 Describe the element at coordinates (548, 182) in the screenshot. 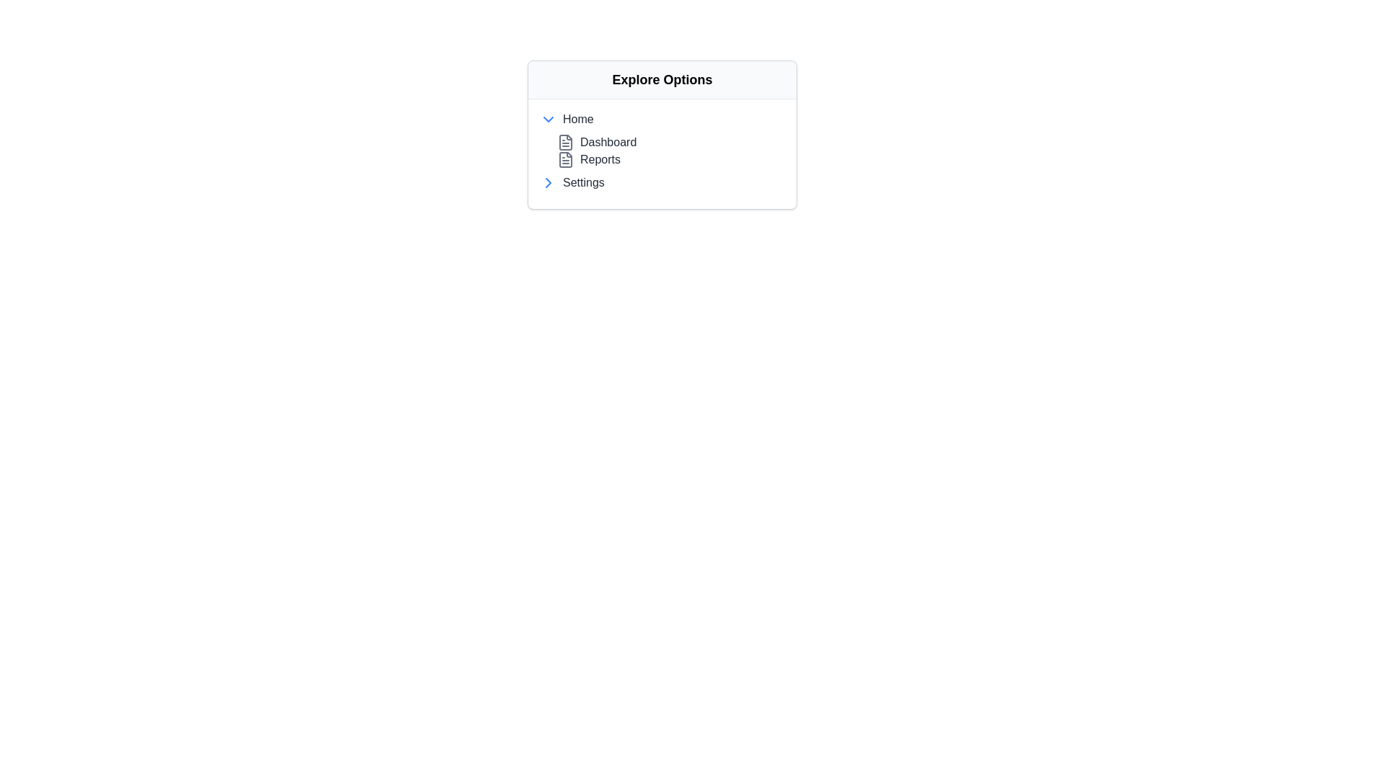

I see `the right-facing blue chevron icon adjacent to the 'Settings' label in the 'Explore Options' section` at that location.